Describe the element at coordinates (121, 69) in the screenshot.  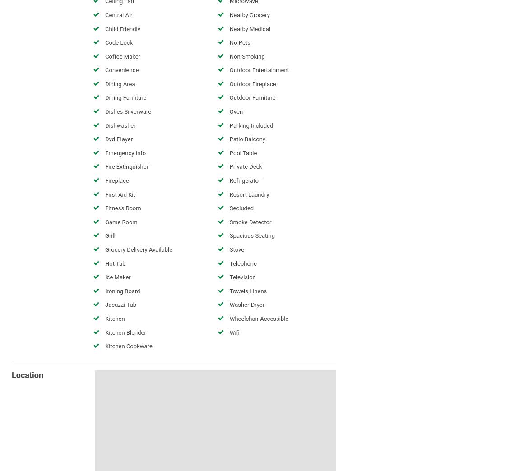
I see `'Convenience'` at that location.